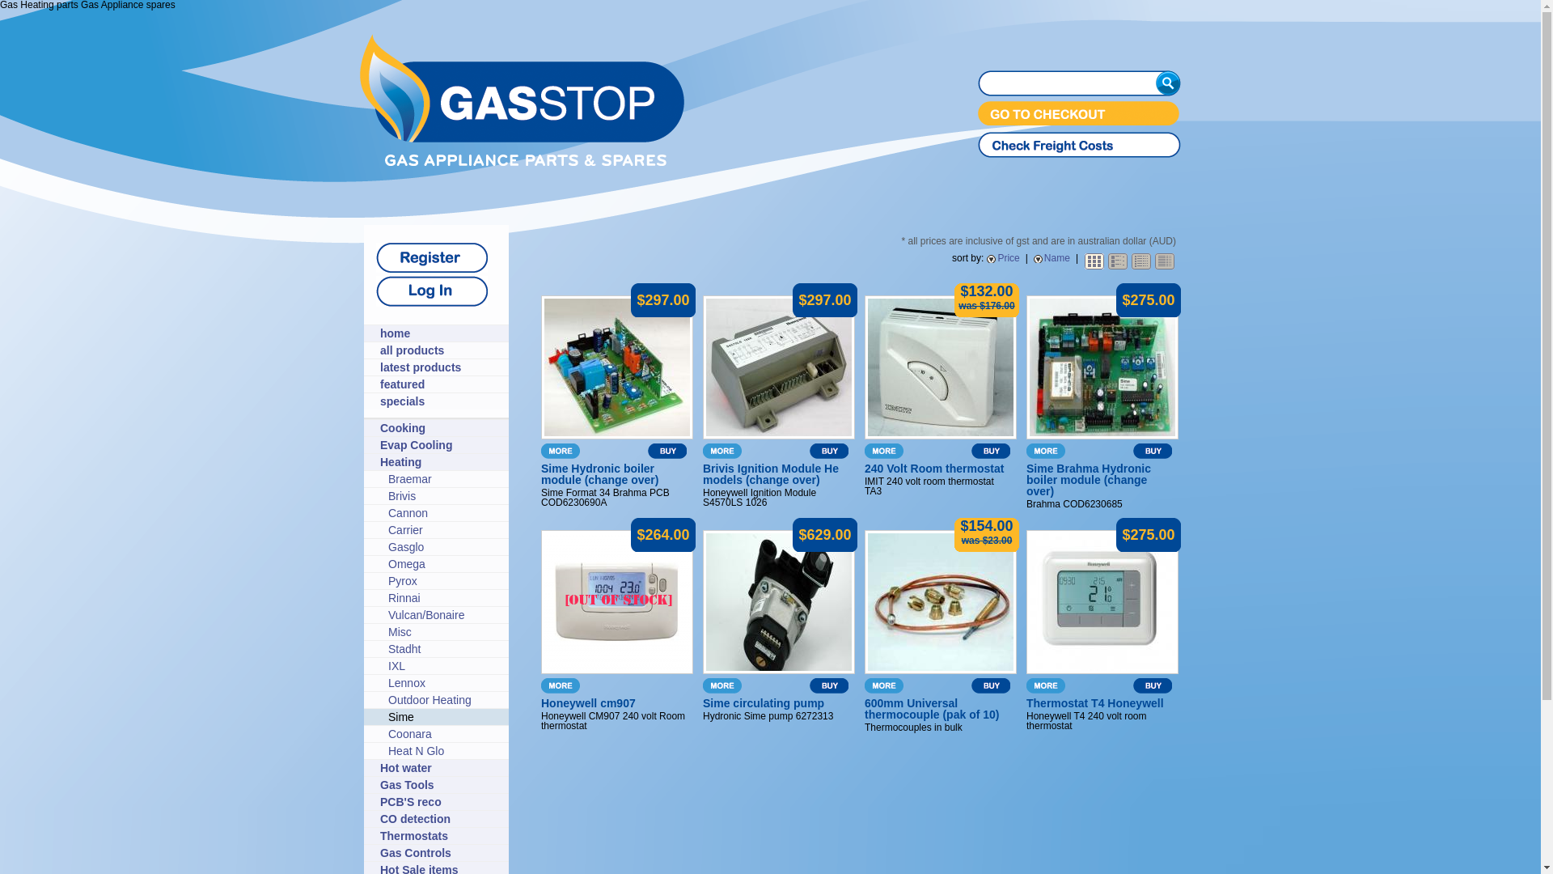 This screenshot has width=1553, height=874. What do you see at coordinates (444, 630) in the screenshot?
I see `'Misc'` at bounding box center [444, 630].